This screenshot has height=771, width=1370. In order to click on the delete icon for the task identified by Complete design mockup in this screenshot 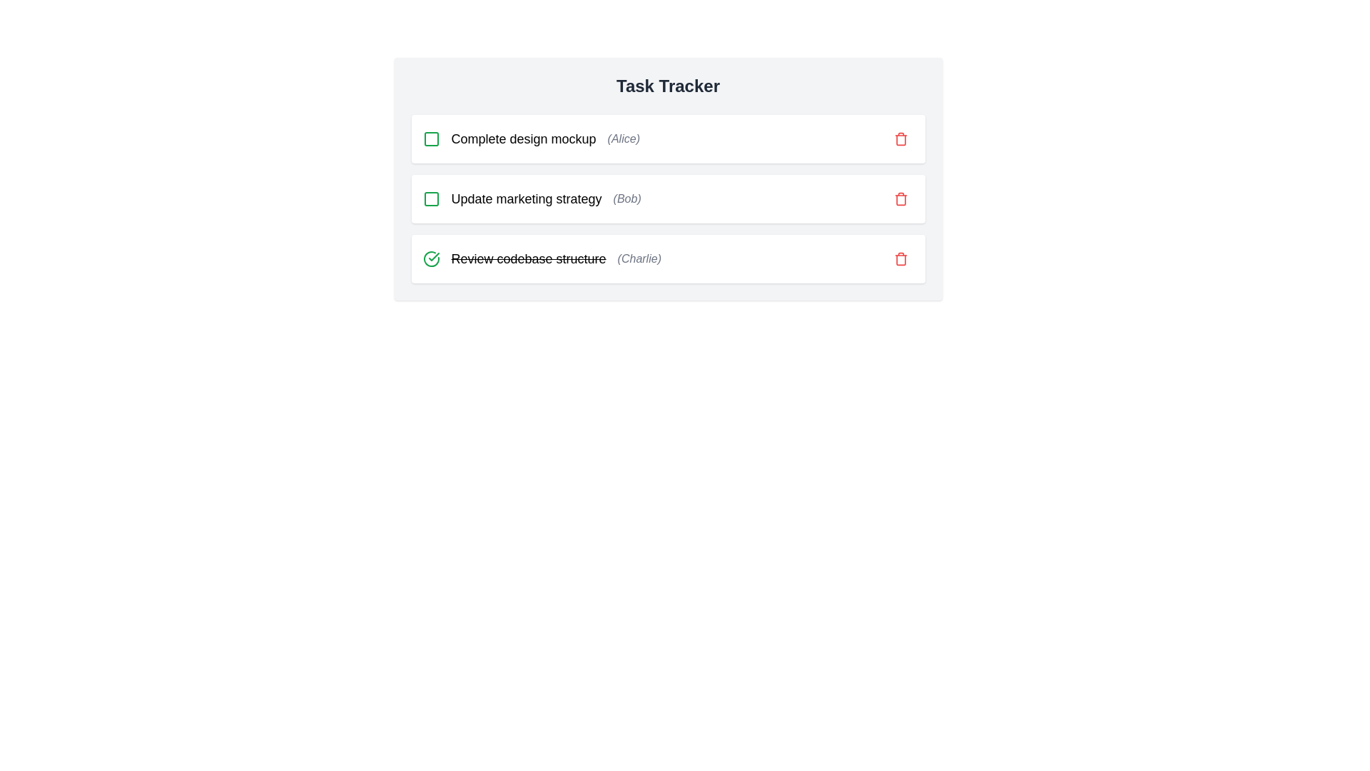, I will do `click(900, 139)`.